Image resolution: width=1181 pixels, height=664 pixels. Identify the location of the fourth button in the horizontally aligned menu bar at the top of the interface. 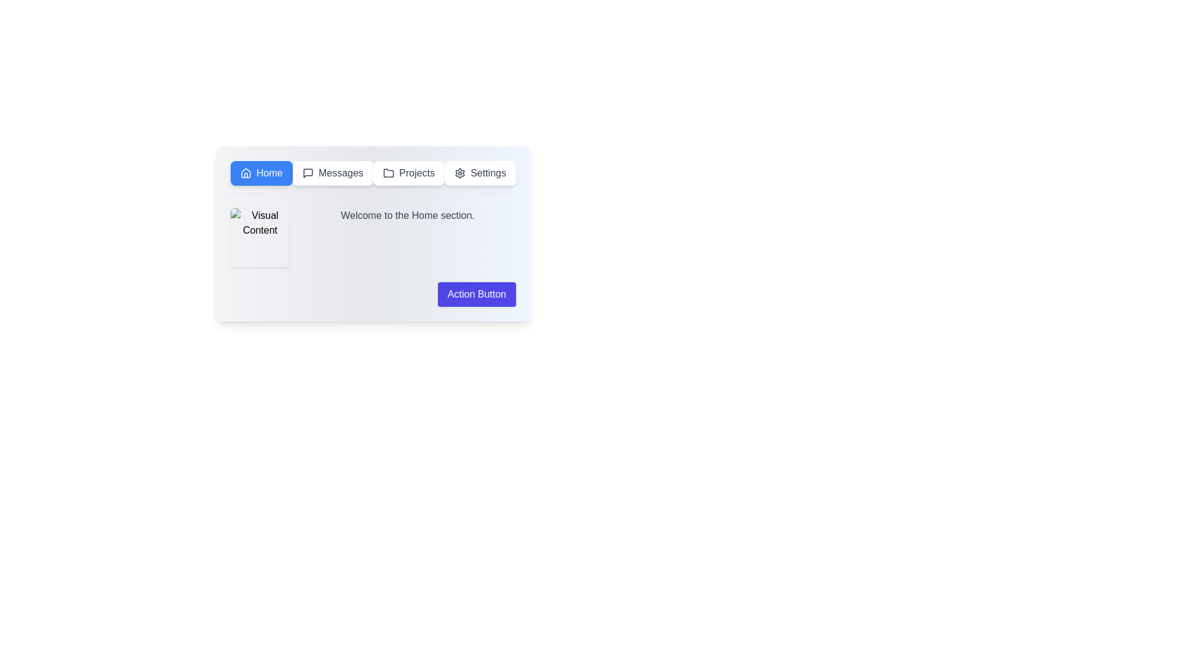
(480, 173).